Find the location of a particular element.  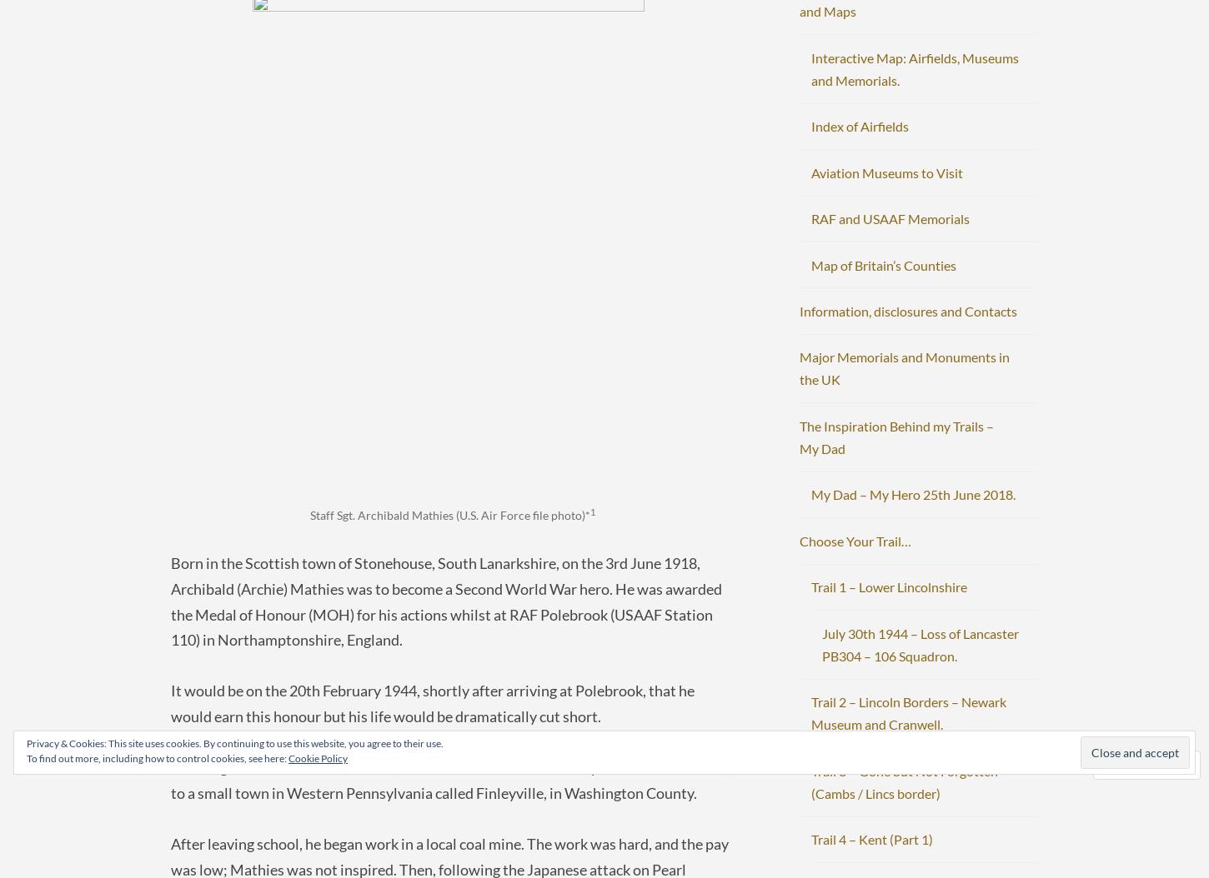

'Trail 1 – Lower Lincolnshire' is located at coordinates (888, 586).